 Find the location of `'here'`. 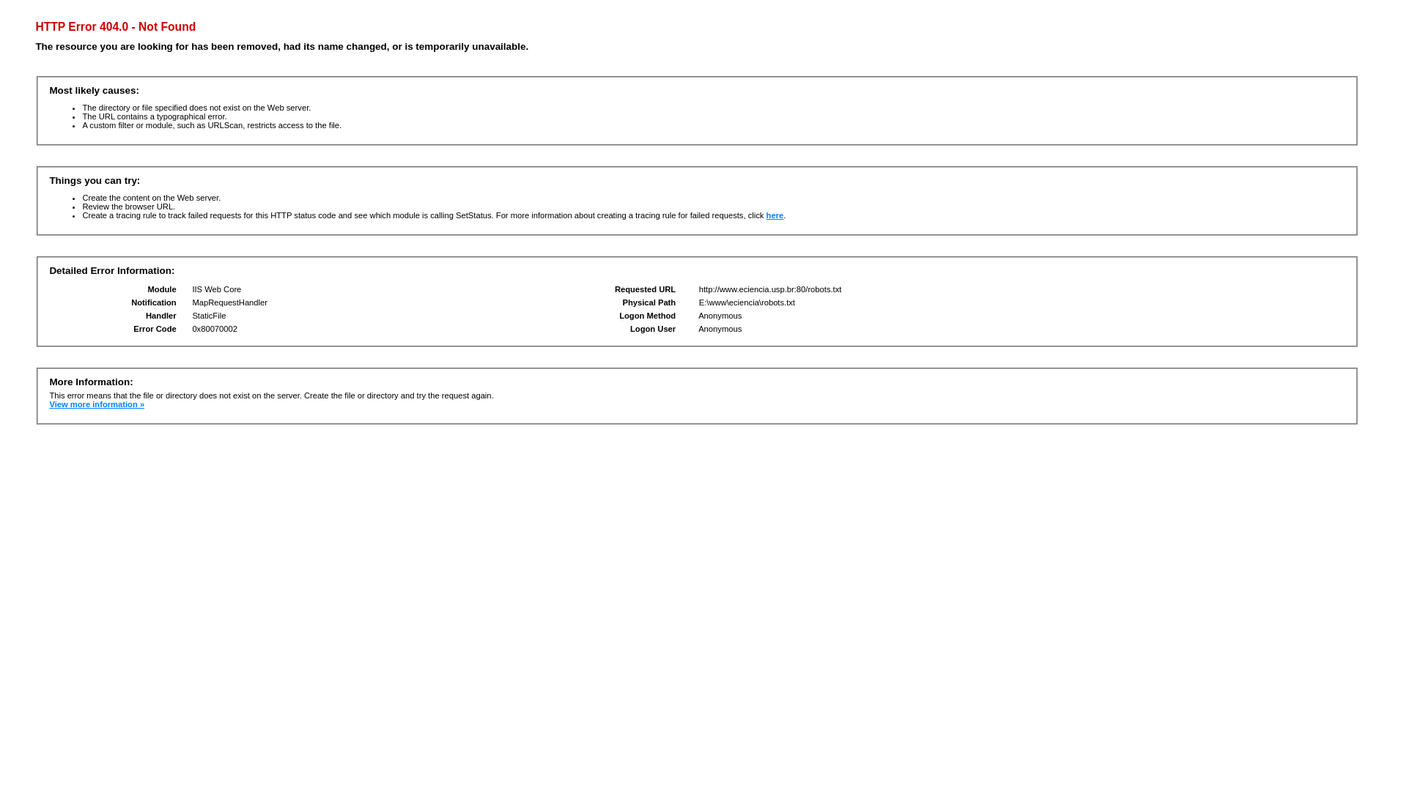

'here' is located at coordinates (774, 215).